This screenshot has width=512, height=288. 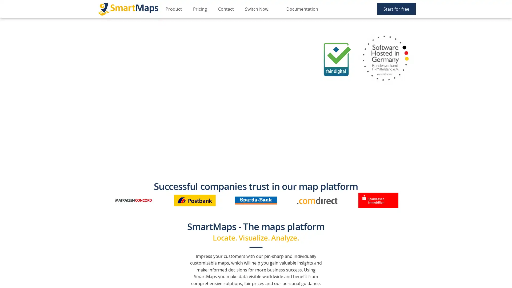 I want to click on Zoom in, so click(x=7, y=25).